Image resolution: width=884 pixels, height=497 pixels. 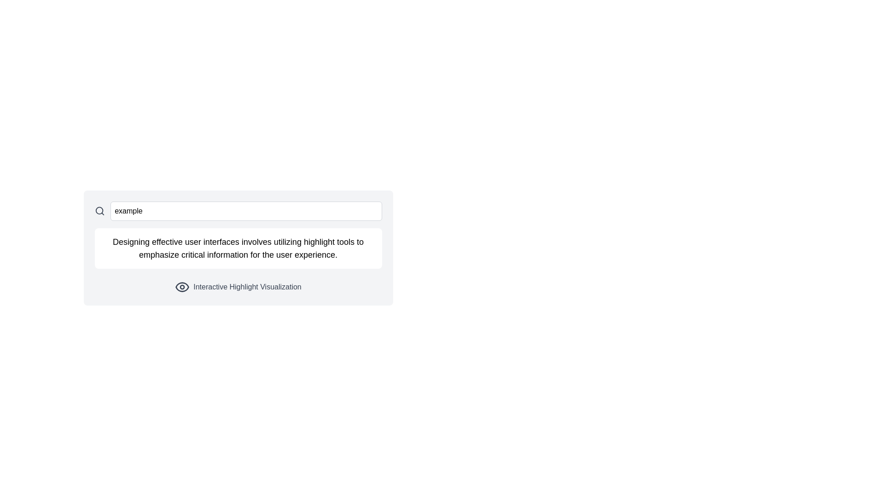 What do you see at coordinates (99, 211) in the screenshot?
I see `the central circular part of the magnifying glass search icon, which is part of the visual representation located at the left end of the search input field` at bounding box center [99, 211].